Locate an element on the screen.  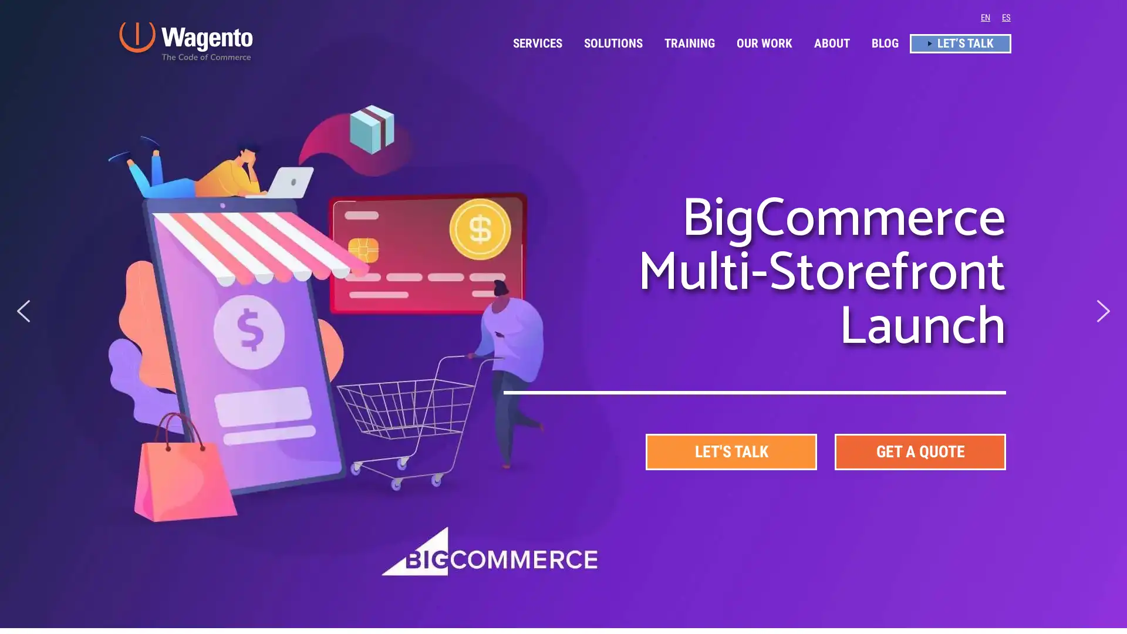
Accept is located at coordinates (723, 94).